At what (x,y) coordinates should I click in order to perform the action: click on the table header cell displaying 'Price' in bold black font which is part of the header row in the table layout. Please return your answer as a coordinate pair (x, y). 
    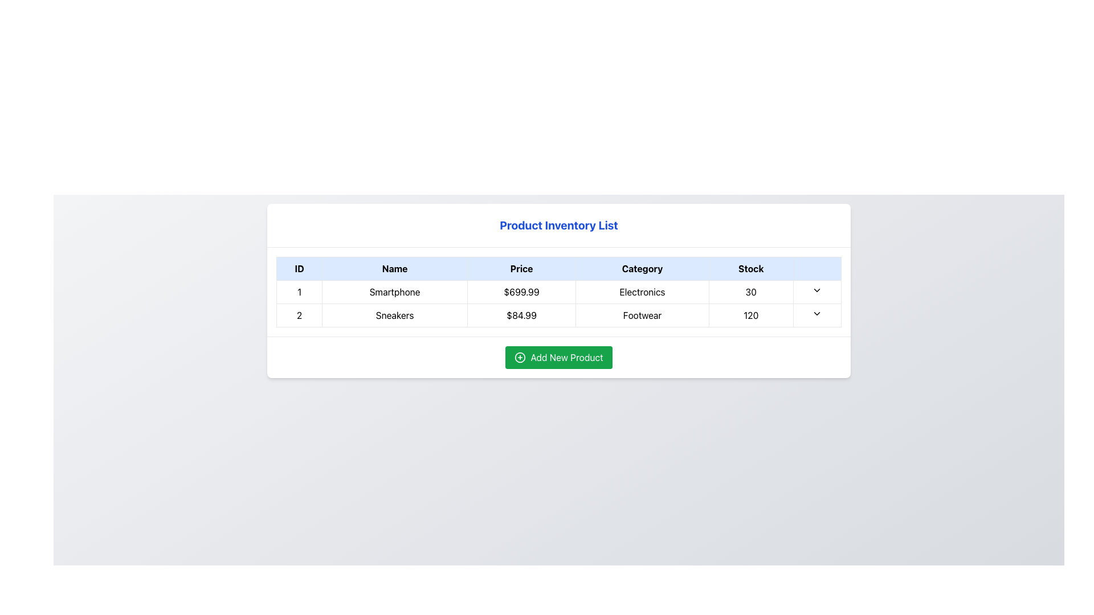
    Looking at the image, I should click on (521, 268).